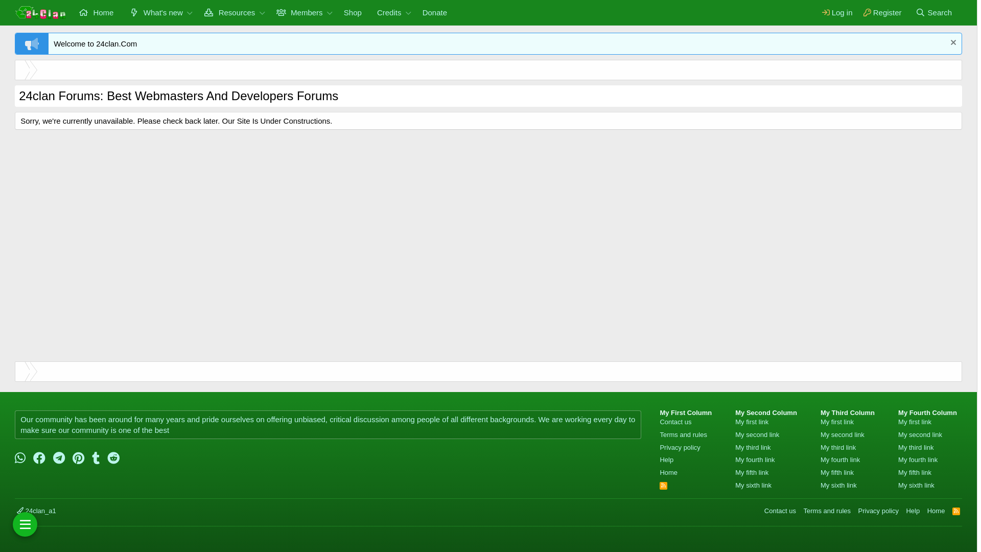 This screenshot has height=552, width=981. I want to click on 'Members', so click(296, 12).